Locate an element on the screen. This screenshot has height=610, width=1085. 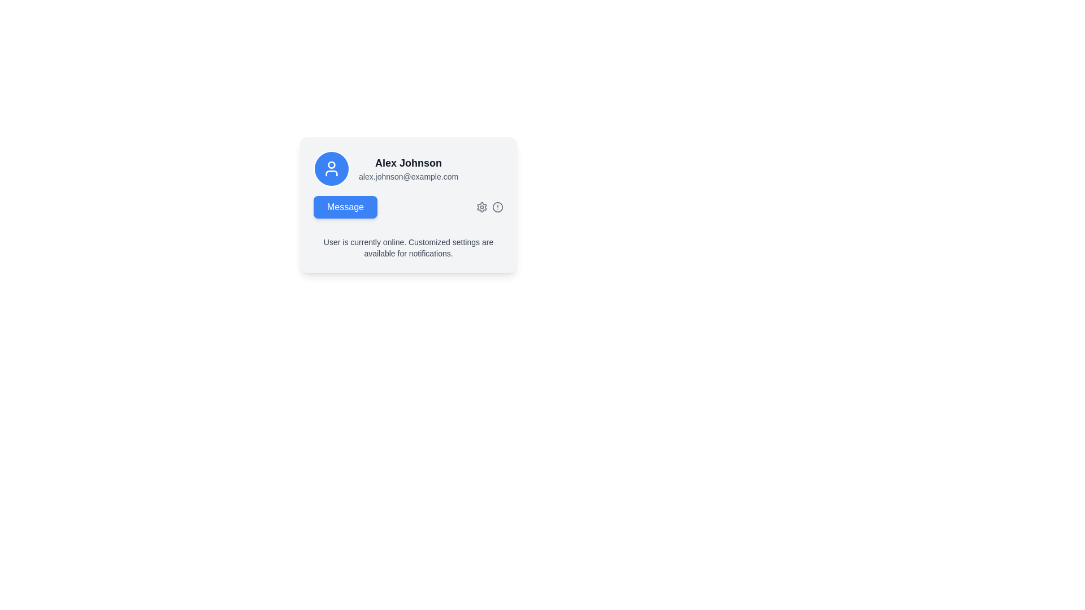
the user icon SVG graphic with a blue background located in the upper-left section of the card layout, positioned above the name and email text fields is located at coordinates (331, 169).